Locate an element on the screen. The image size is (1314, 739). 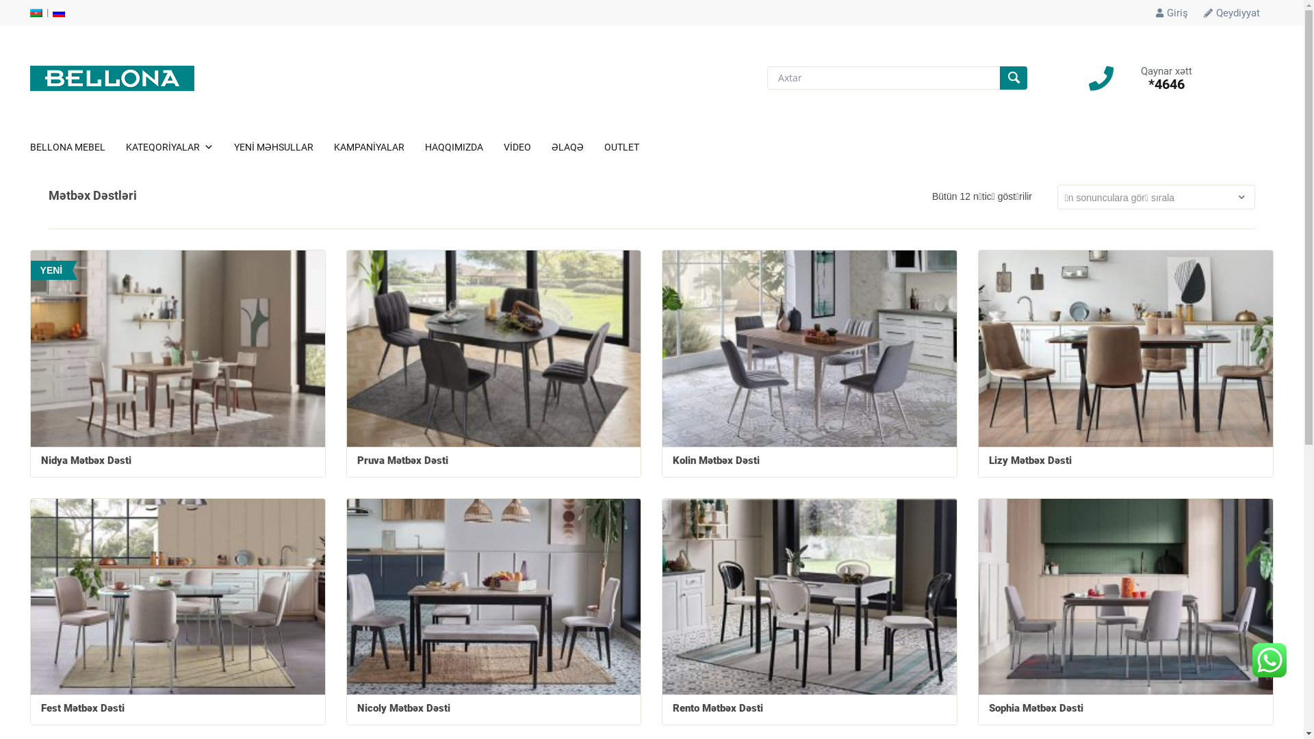
'Qeydiyyat' is located at coordinates (1232, 13).